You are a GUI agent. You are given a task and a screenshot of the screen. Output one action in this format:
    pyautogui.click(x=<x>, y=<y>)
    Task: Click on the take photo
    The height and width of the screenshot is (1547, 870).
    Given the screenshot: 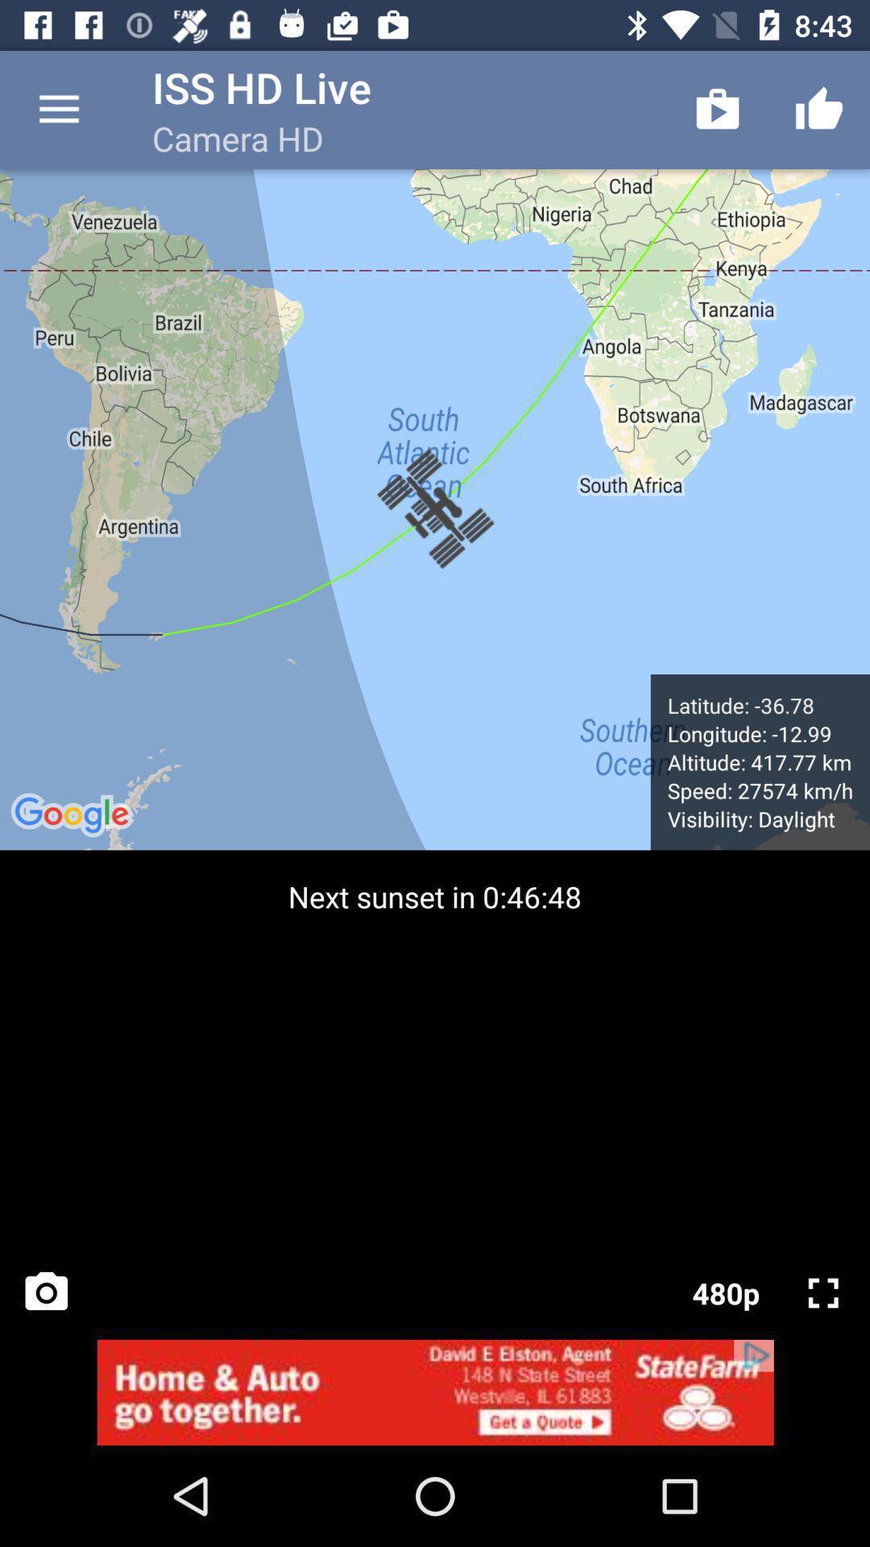 What is the action you would take?
    pyautogui.click(x=45, y=1292)
    